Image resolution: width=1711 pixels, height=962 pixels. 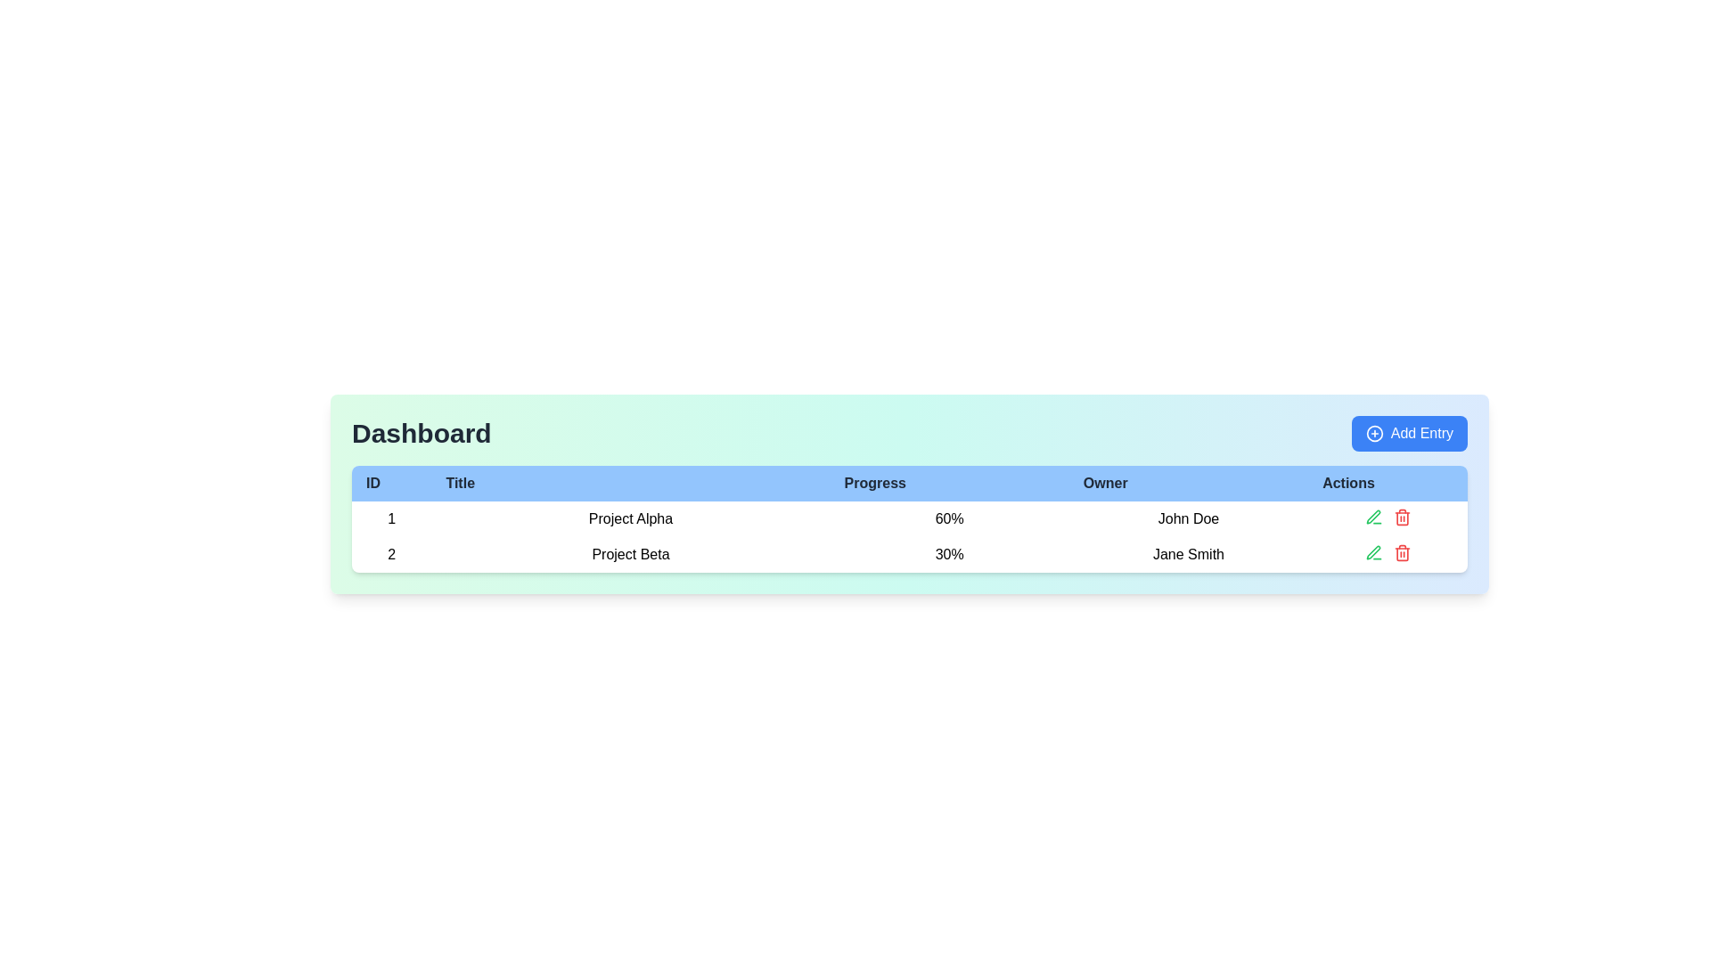 I want to click on the green pen icon in the Actions column of the first row, so click(x=1372, y=518).